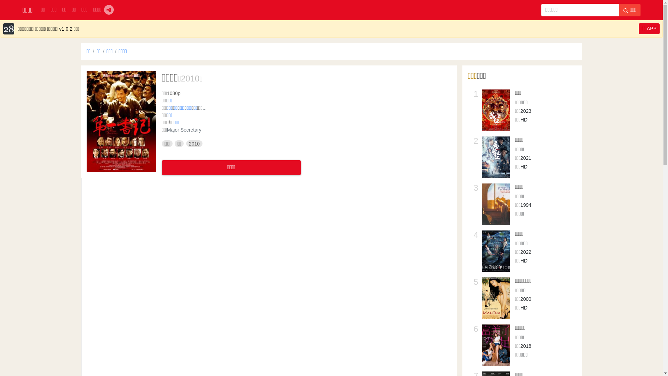 The width and height of the screenshot is (668, 376). I want to click on '2010', so click(190, 78).